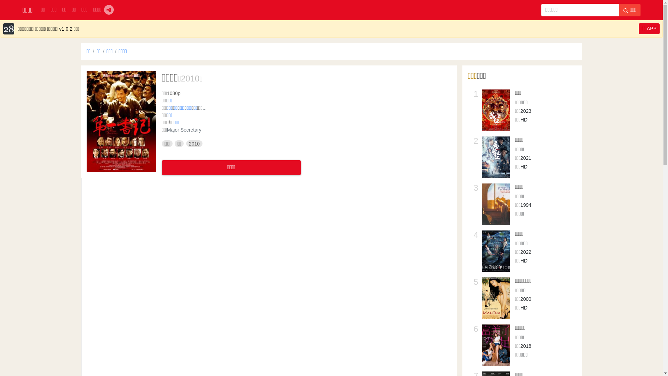 The width and height of the screenshot is (668, 376). I want to click on '2010', so click(190, 78).